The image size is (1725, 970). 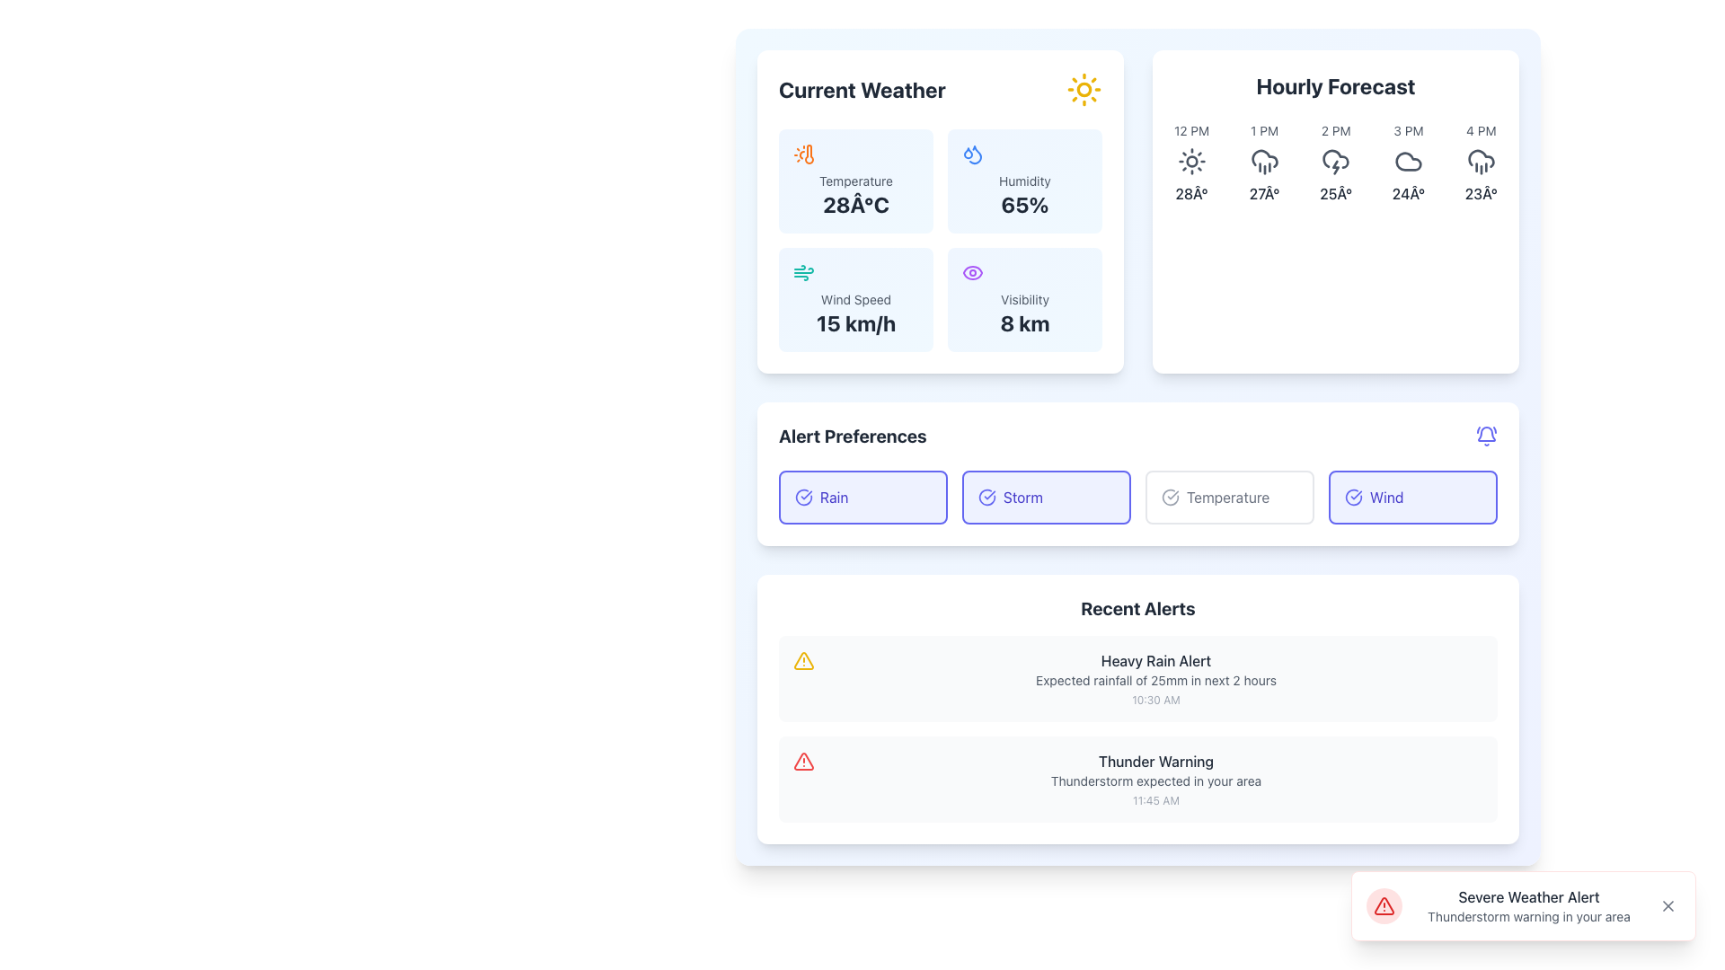 What do you see at coordinates (1137, 679) in the screenshot?
I see `the Informational card displaying a recent weather alert about heavy rain, positioned as the first card in the Recent Alerts section` at bounding box center [1137, 679].